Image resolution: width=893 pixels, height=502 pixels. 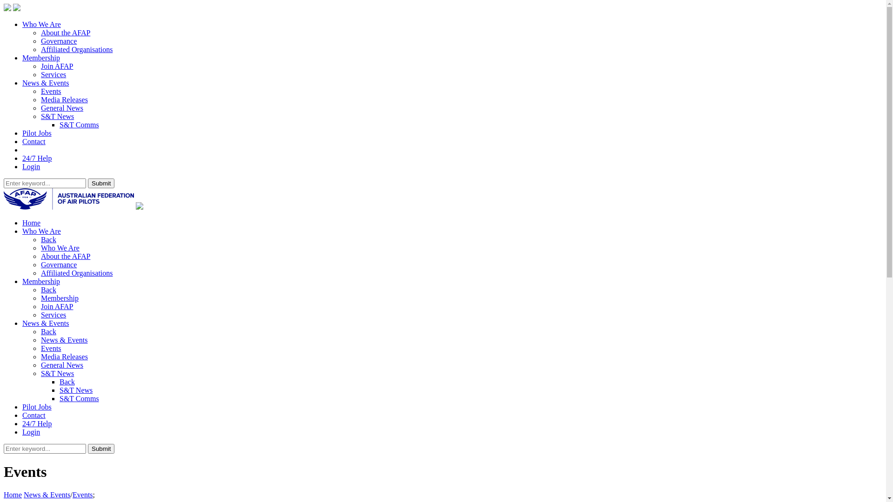 I want to click on 'Pilot Jobs', so click(x=37, y=406).